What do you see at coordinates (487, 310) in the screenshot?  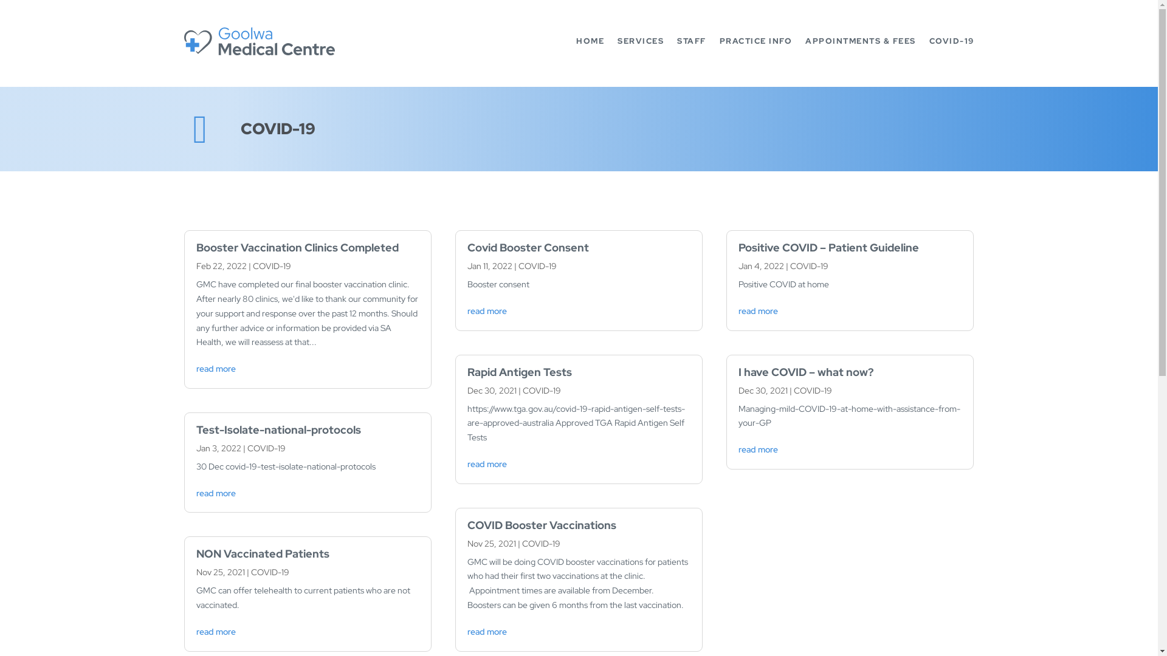 I see `'read more'` at bounding box center [487, 310].